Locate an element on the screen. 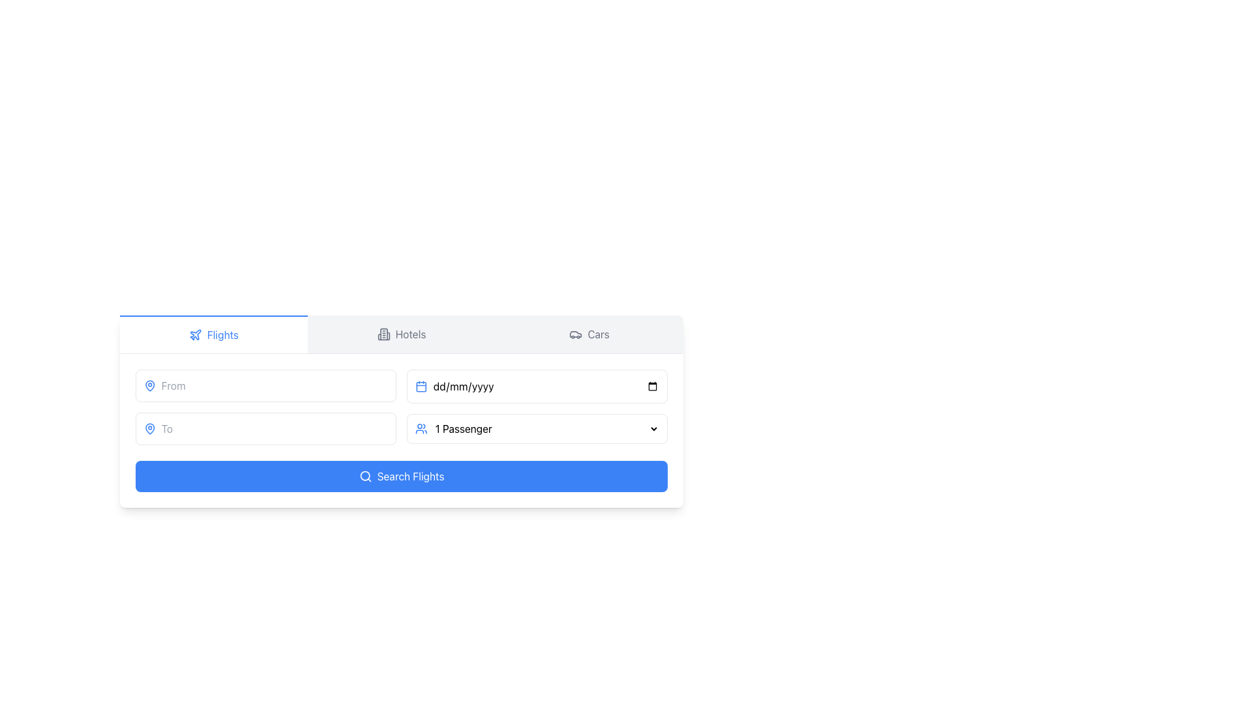  the location icon located above the 'To' label, which indicates the association with the geographical location entry input box is located at coordinates (150, 385).